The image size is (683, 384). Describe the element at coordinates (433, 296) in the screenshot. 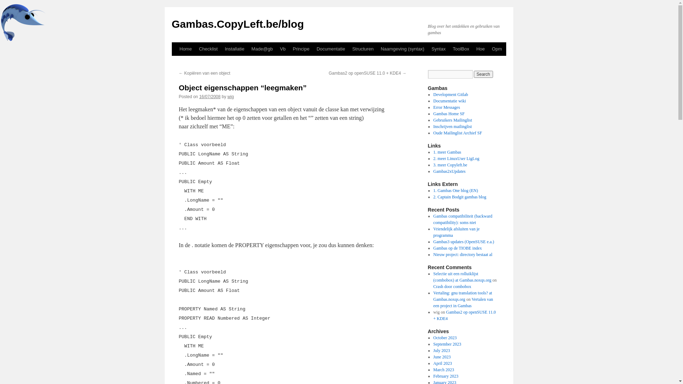

I see `'Vertaling: gnu translation tools? at Gambas.noxqs.org'` at that location.